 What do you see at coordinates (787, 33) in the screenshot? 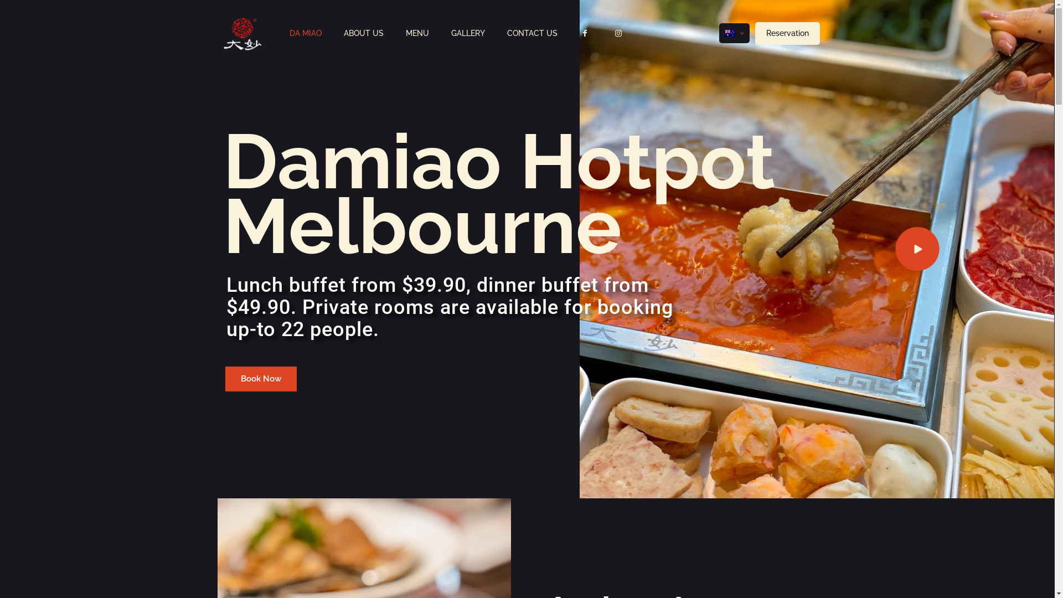
I see `'Reservation'` at bounding box center [787, 33].